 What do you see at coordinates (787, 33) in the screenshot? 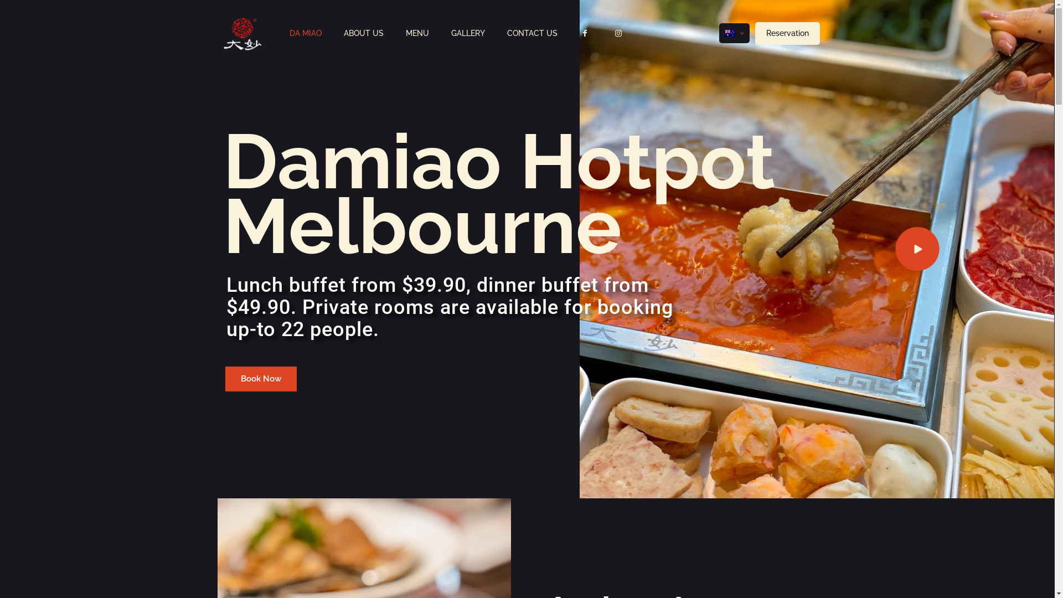
I see `'Reservation'` at bounding box center [787, 33].